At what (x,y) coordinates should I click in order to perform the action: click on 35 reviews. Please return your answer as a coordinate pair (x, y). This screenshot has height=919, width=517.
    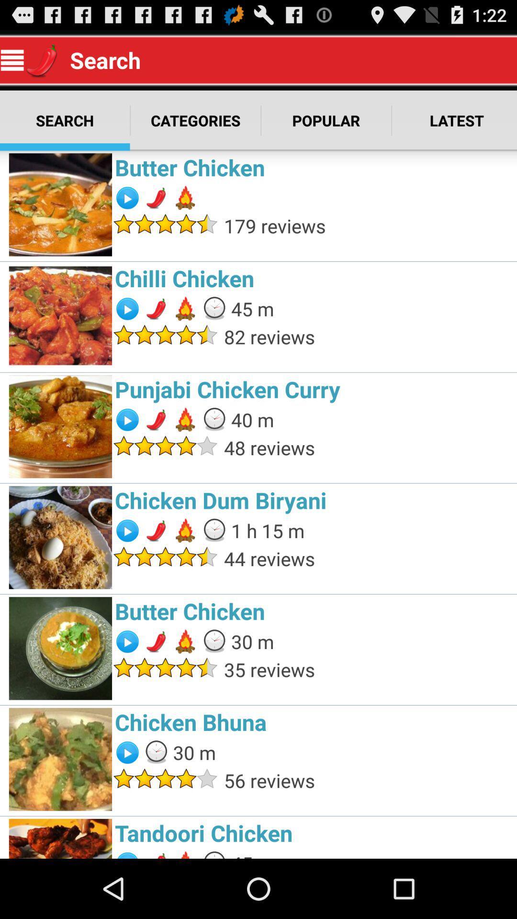
    Looking at the image, I should click on (367, 669).